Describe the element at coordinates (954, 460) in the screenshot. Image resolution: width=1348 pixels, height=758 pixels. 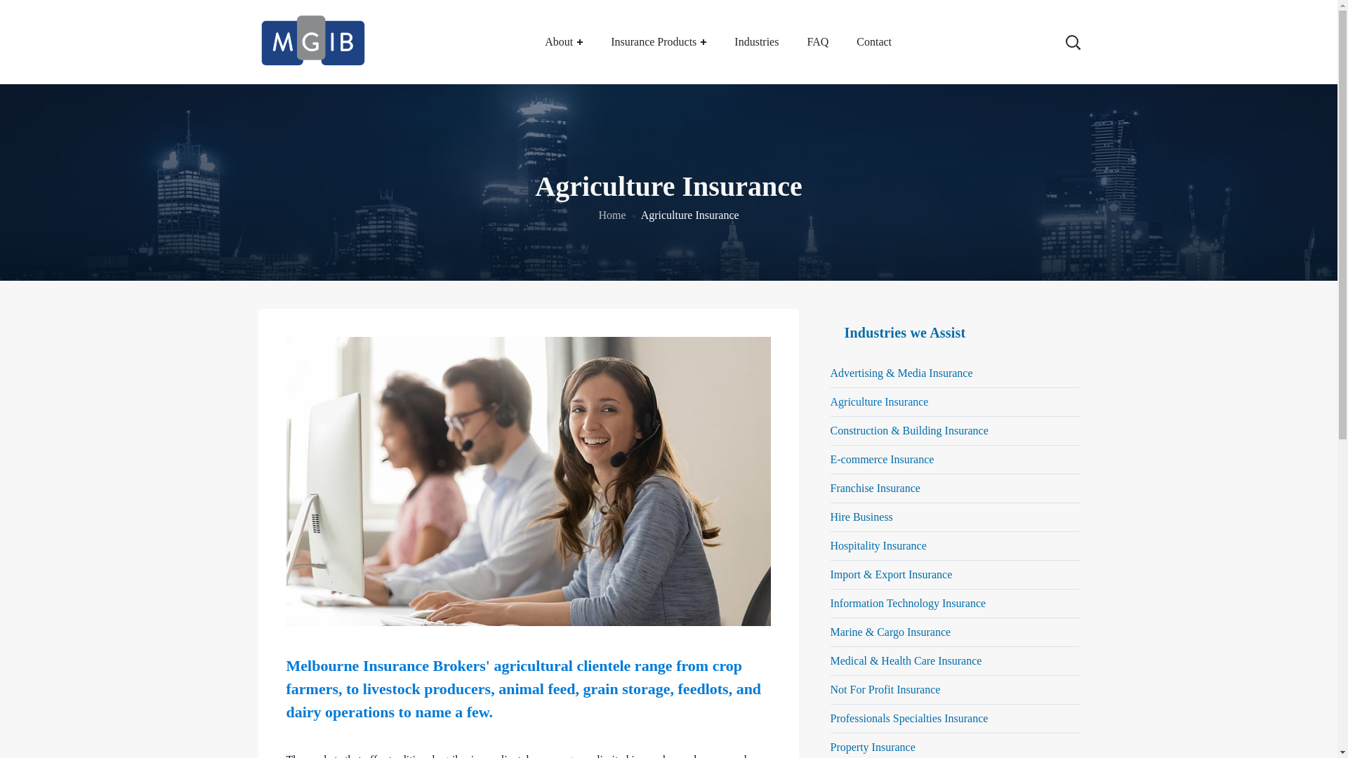
I see `'E-commerce Insurance'` at that location.